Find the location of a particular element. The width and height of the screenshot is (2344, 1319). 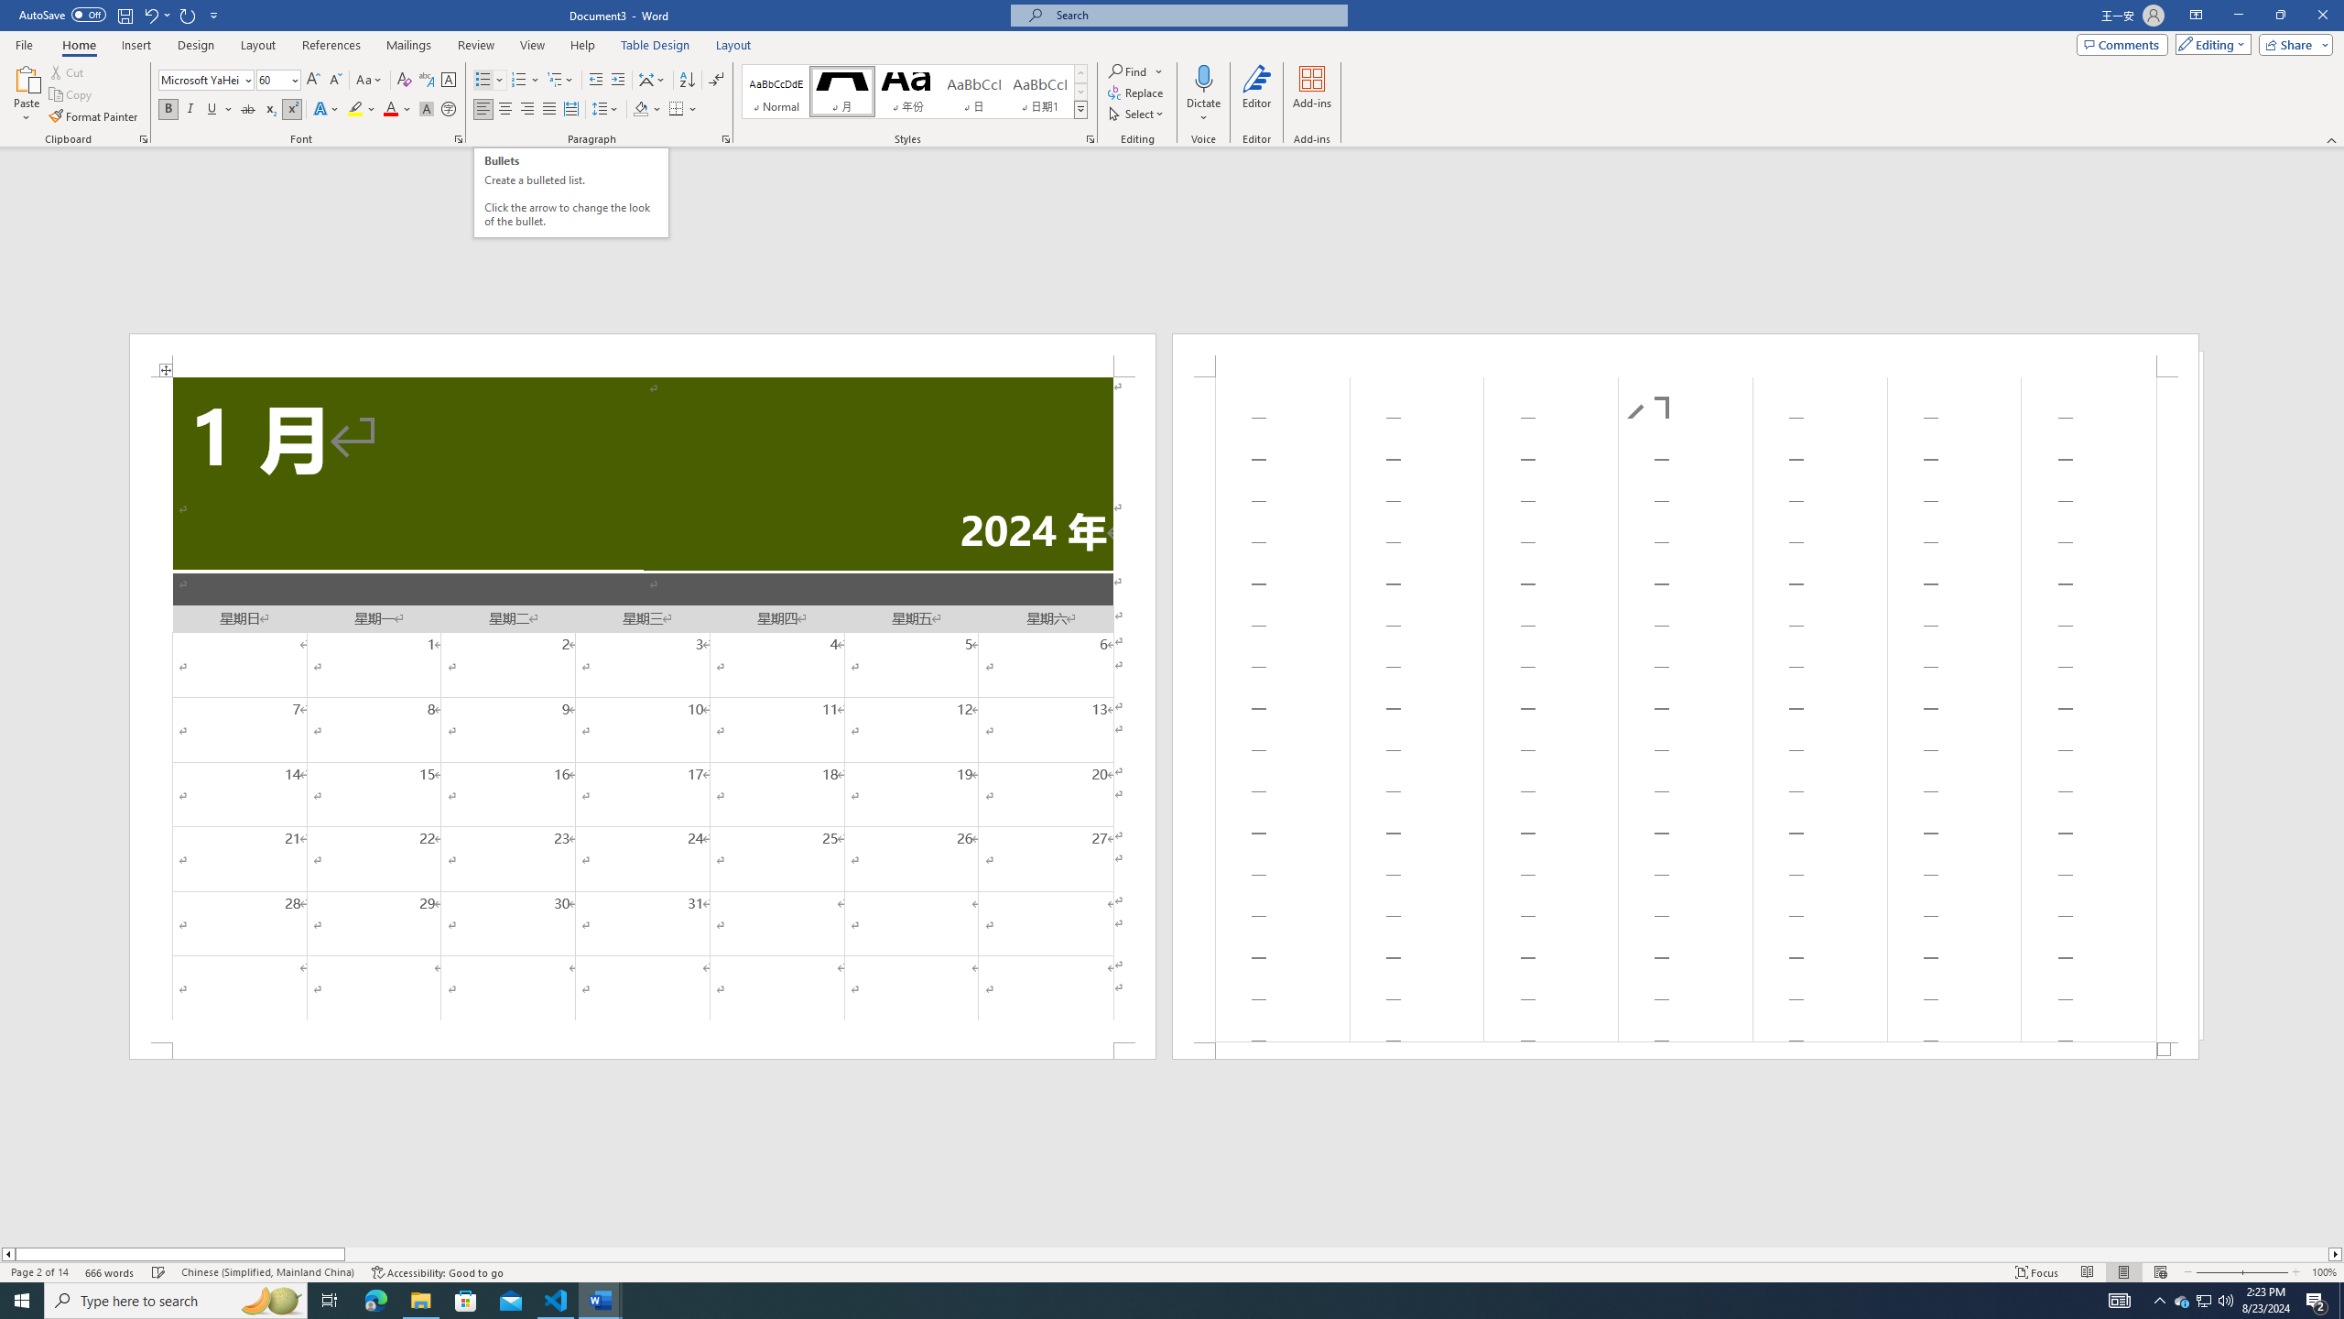

'Decrease Indent' is located at coordinates (596, 80).